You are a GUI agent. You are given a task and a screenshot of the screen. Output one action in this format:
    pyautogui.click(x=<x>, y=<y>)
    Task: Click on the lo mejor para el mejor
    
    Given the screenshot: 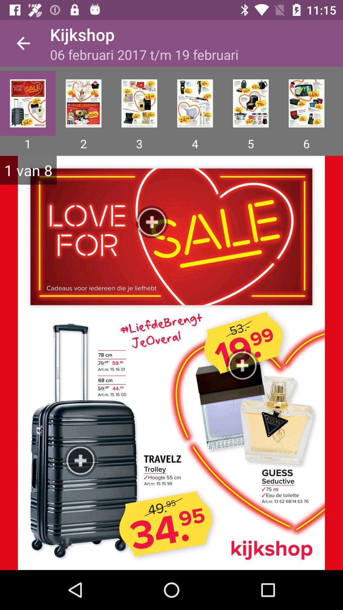 What is the action you would take?
    pyautogui.click(x=83, y=103)
    